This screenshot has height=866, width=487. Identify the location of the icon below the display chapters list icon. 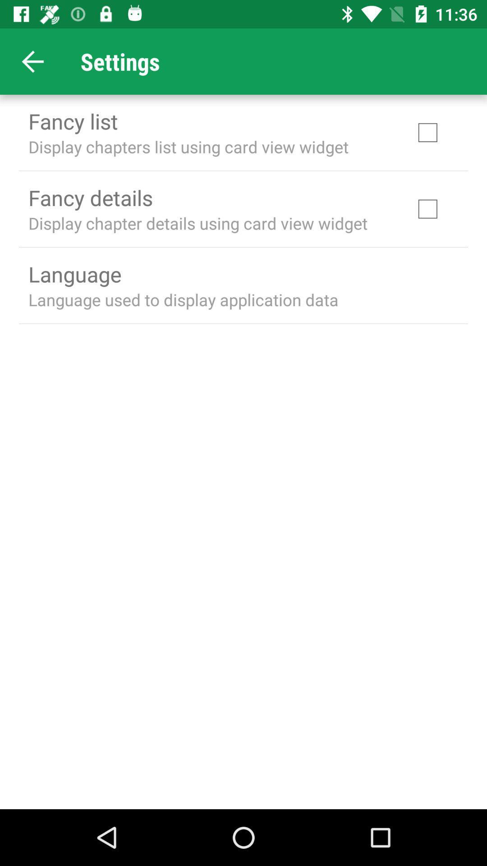
(90, 197).